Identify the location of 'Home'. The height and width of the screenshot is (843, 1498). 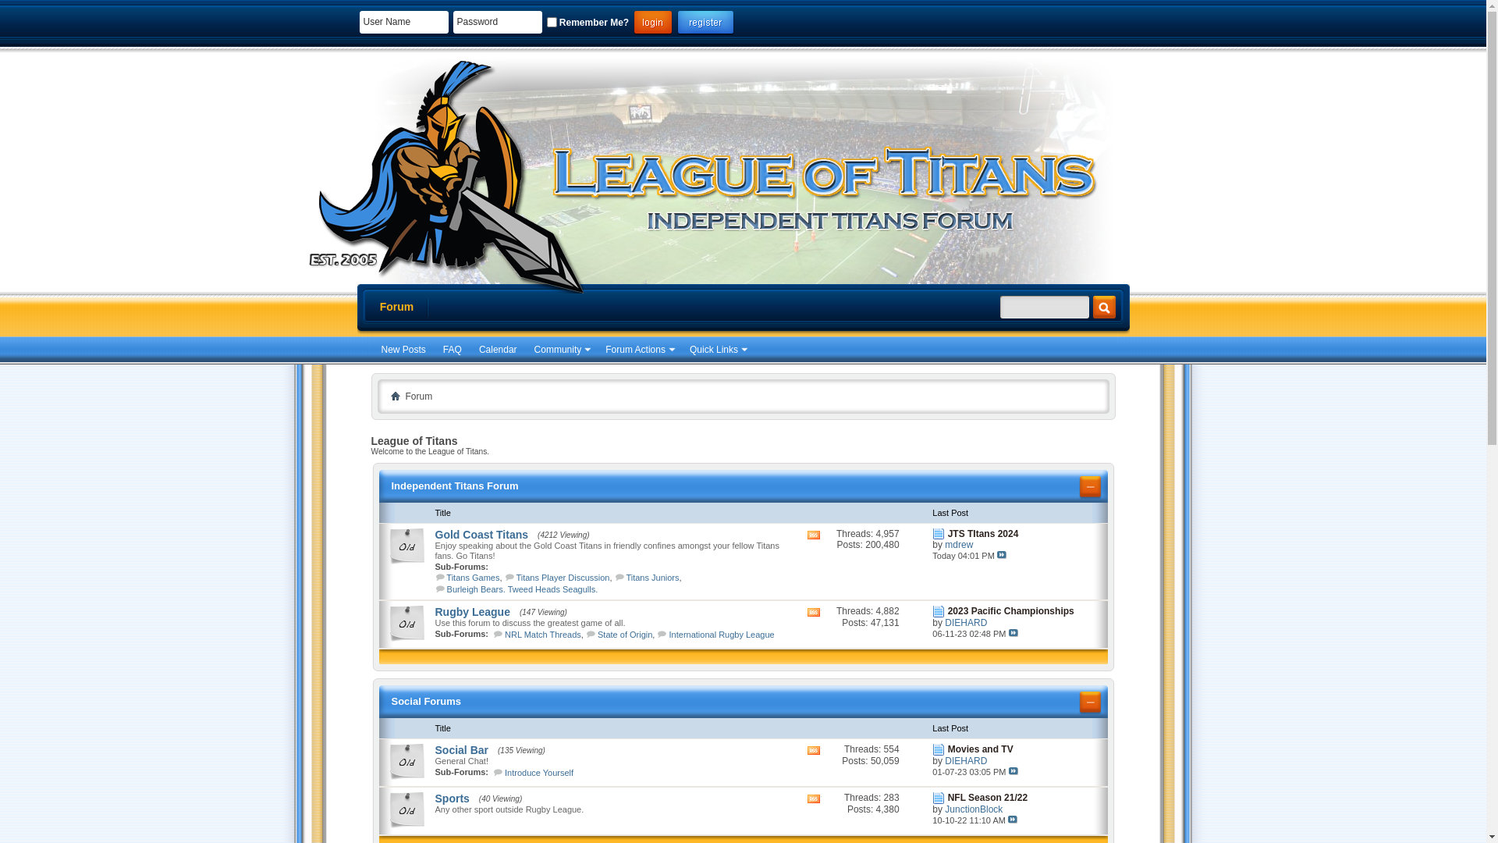
(389, 394).